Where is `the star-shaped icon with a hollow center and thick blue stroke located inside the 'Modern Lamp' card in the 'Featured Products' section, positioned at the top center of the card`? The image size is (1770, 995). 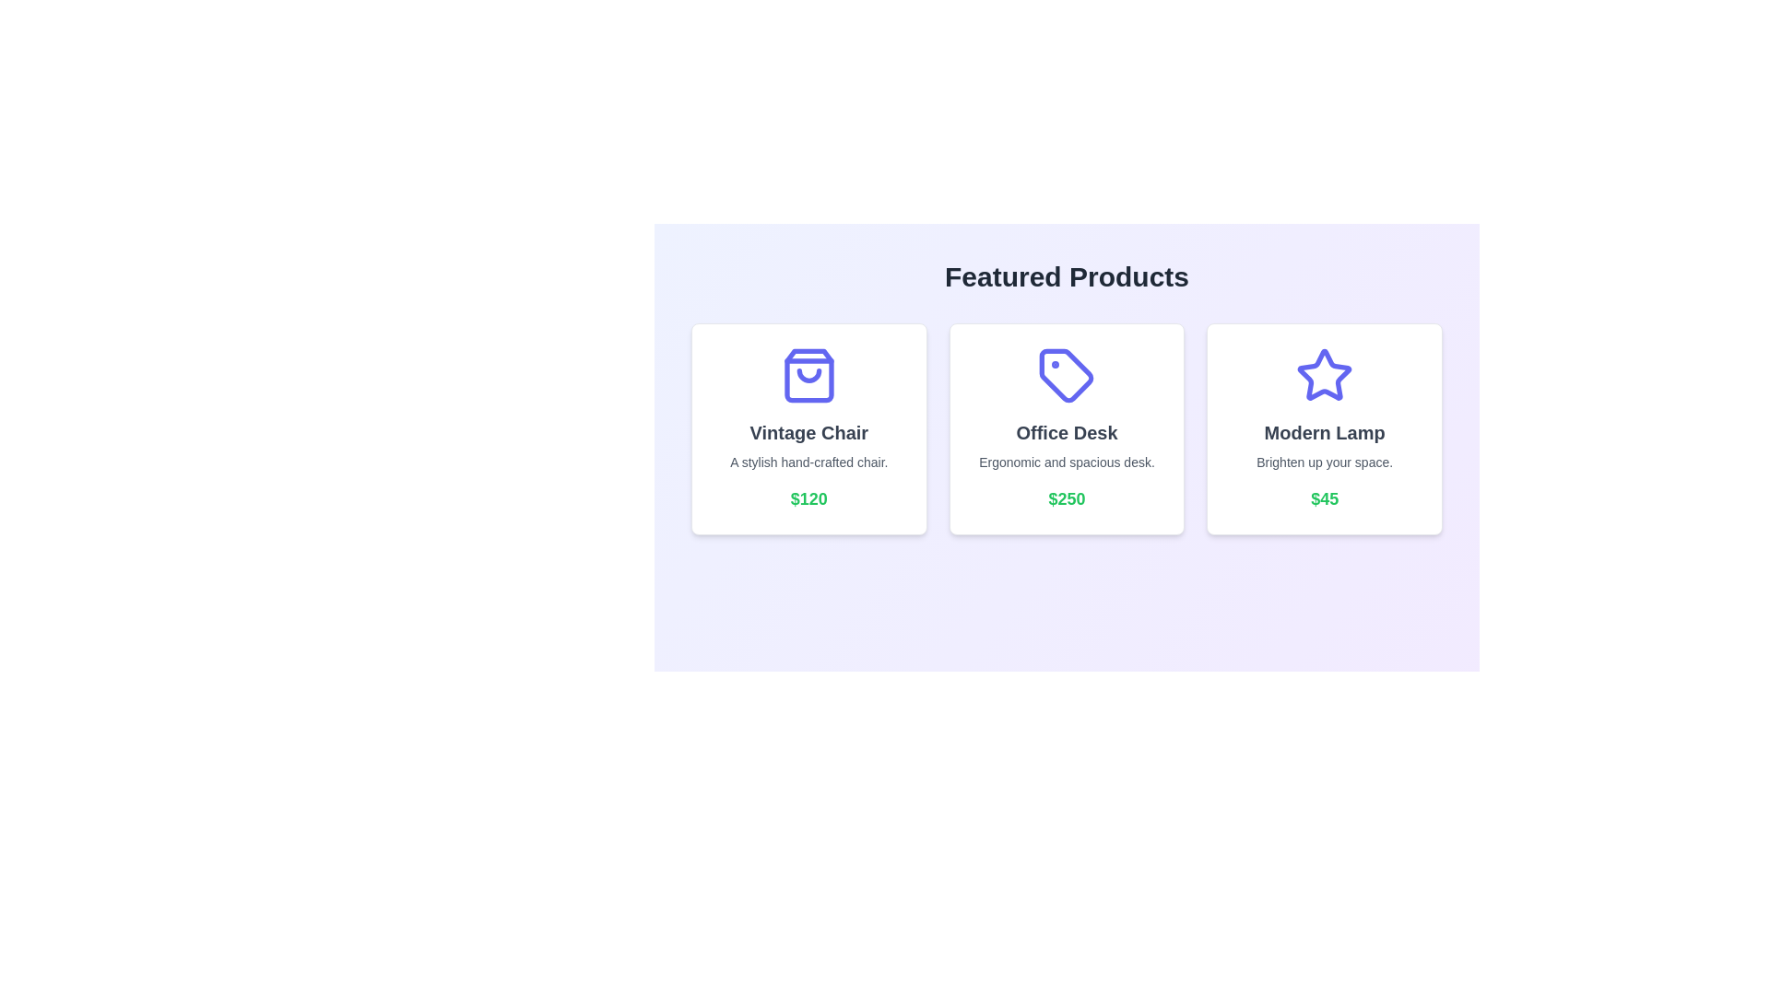 the star-shaped icon with a hollow center and thick blue stroke located inside the 'Modern Lamp' card in the 'Featured Products' section, positioned at the top center of the card is located at coordinates (1324, 373).